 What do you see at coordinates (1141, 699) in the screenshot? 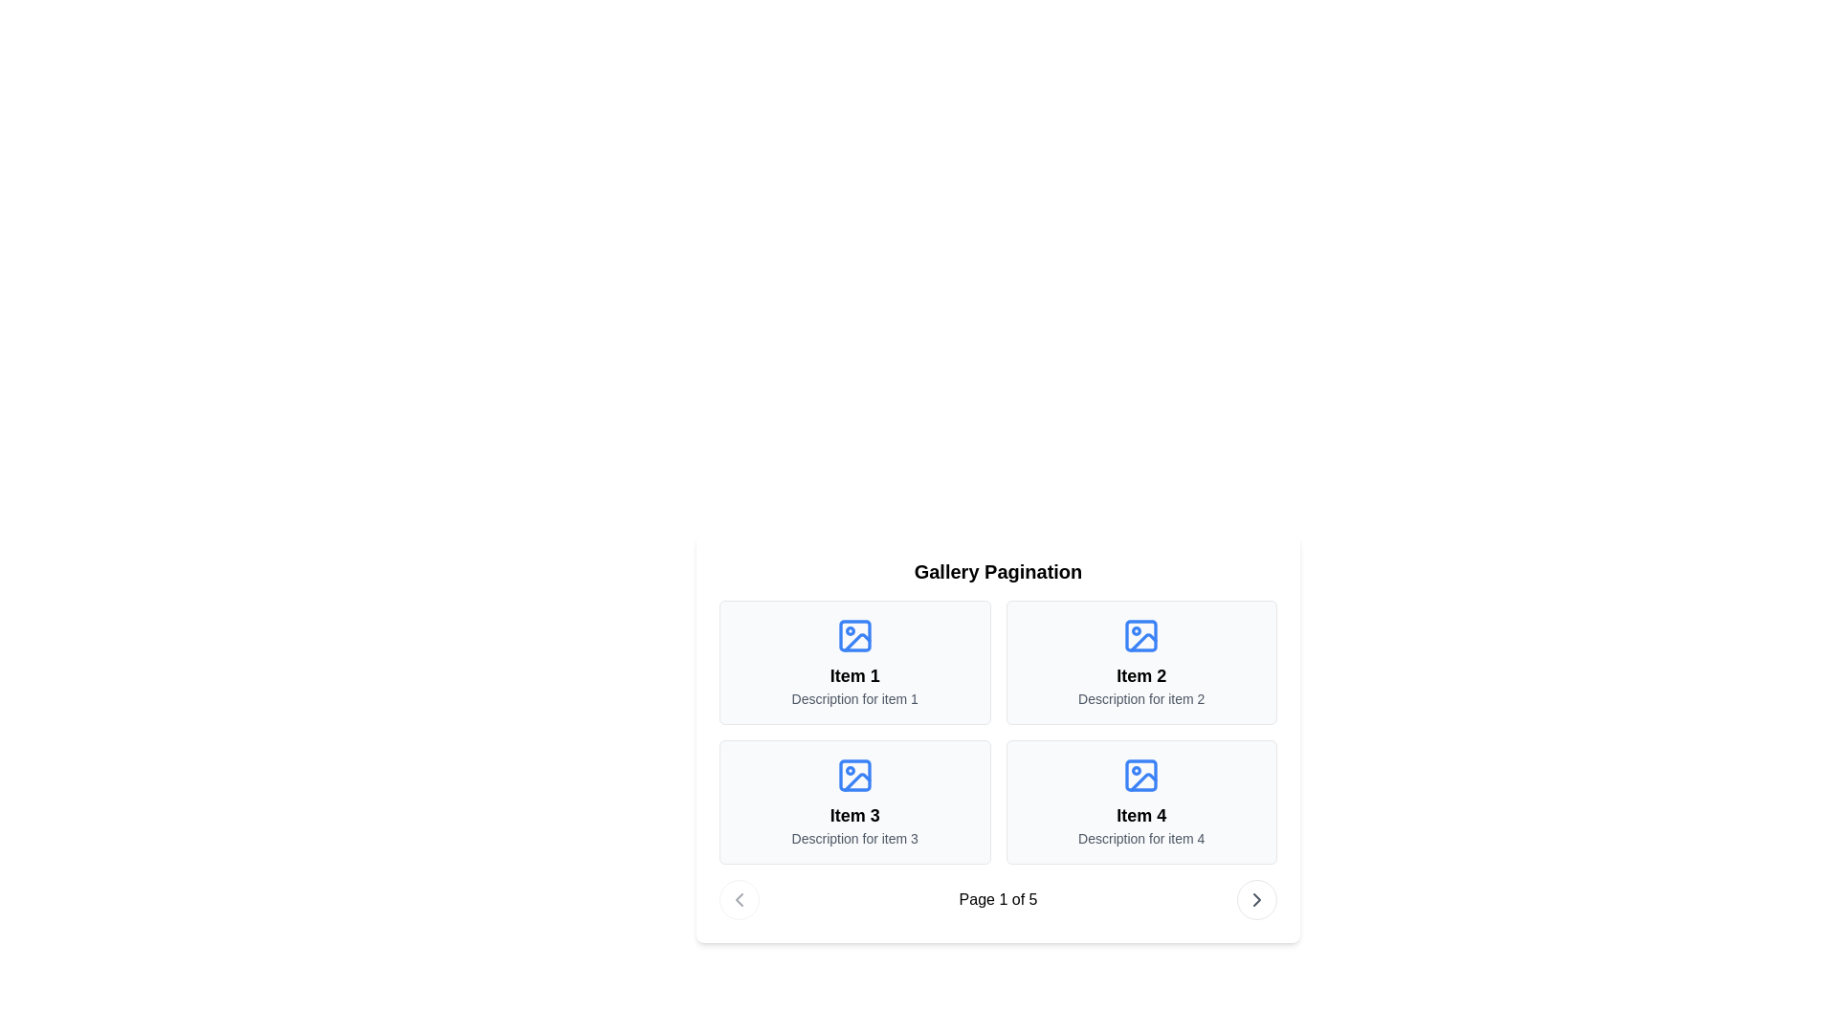
I see `the text label that reads 'Description for item 2', which is located beneath the heading 'Item 2' in the second box of the top row in a grid layout` at bounding box center [1141, 699].